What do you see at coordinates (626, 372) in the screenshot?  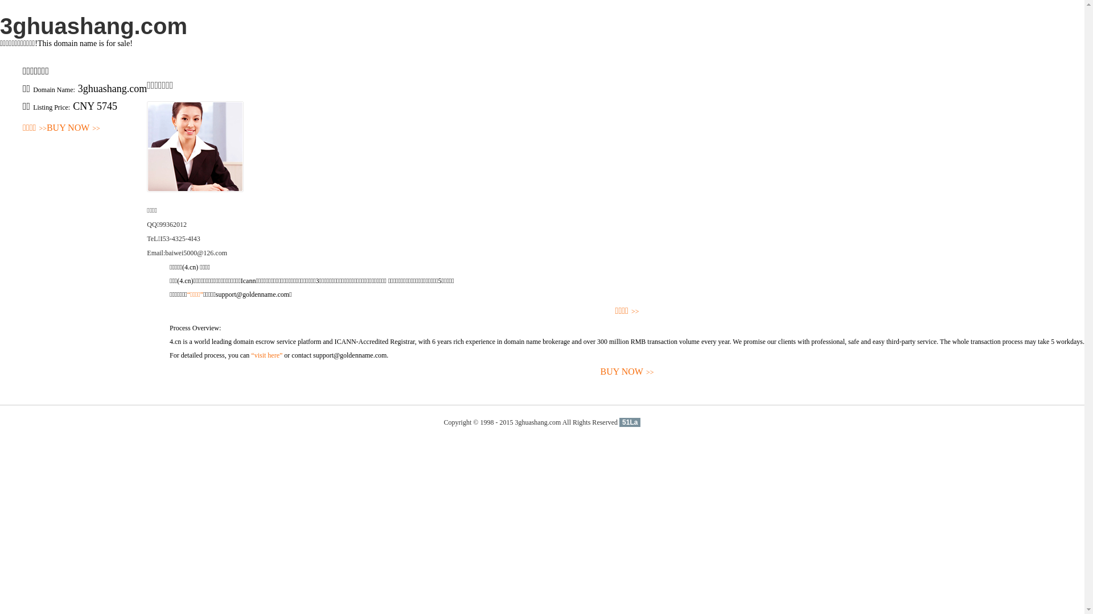 I see `'BUY NOW>>'` at bounding box center [626, 372].